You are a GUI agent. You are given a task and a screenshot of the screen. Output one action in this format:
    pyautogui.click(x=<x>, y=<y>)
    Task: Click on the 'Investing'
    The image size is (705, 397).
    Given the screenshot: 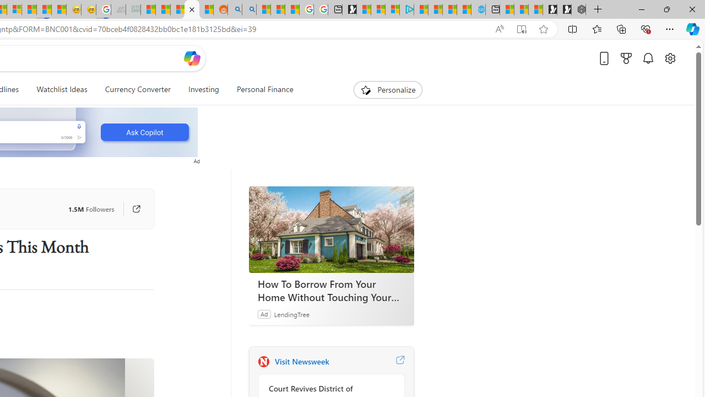 What is the action you would take?
    pyautogui.click(x=203, y=89)
    